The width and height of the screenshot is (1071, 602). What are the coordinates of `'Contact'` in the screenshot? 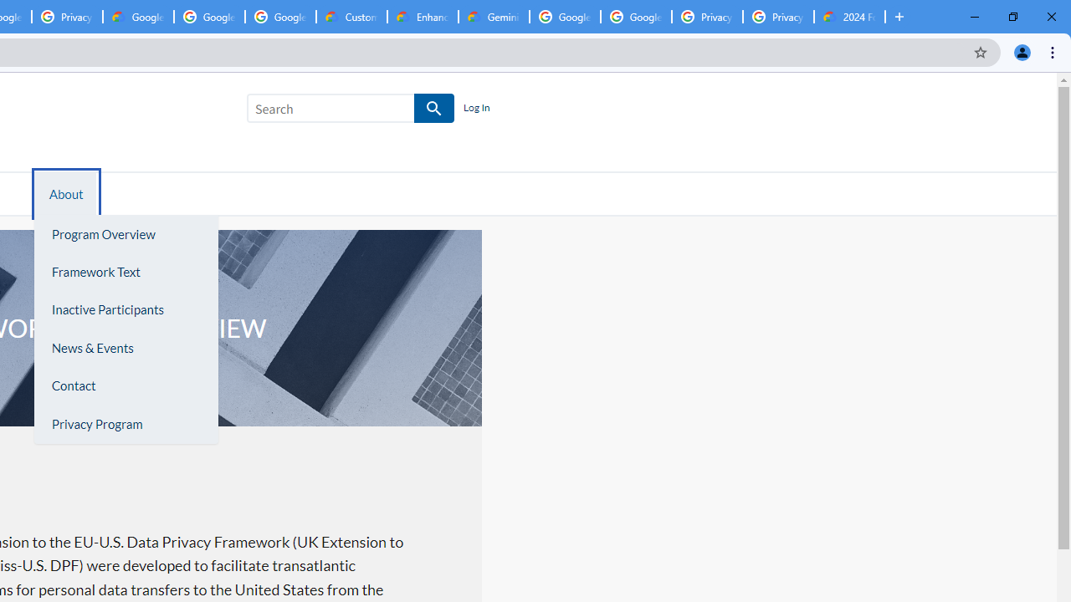 It's located at (125, 386).